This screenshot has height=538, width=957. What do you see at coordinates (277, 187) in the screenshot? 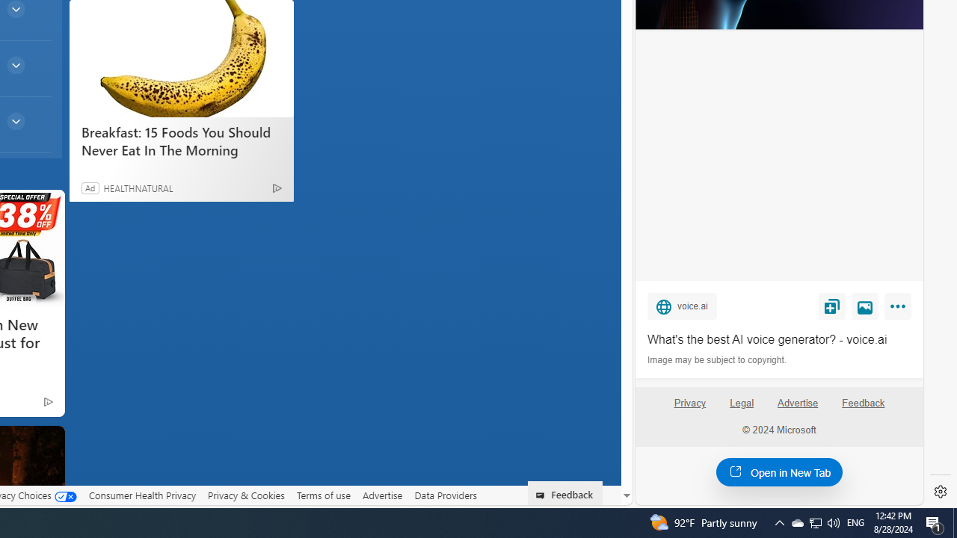
I see `'Ad Choice'` at bounding box center [277, 187].